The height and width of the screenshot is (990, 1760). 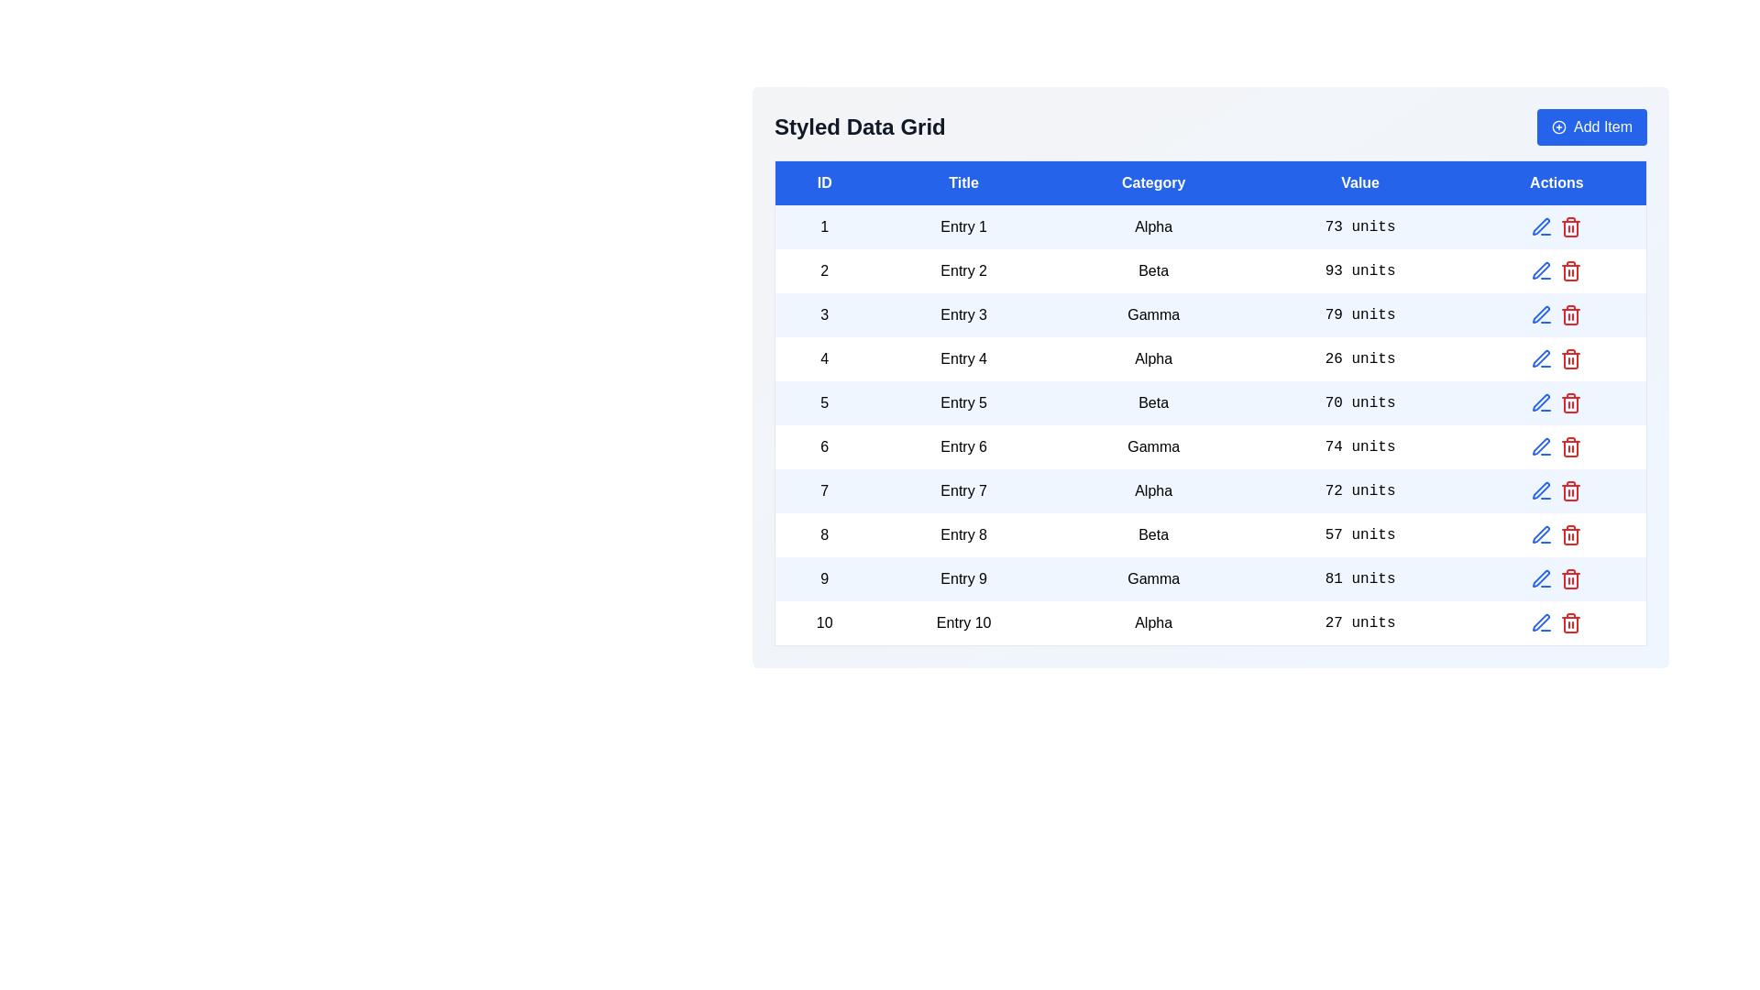 I want to click on the 'Add Item' button to add a new row to the data grid, so click(x=1591, y=126).